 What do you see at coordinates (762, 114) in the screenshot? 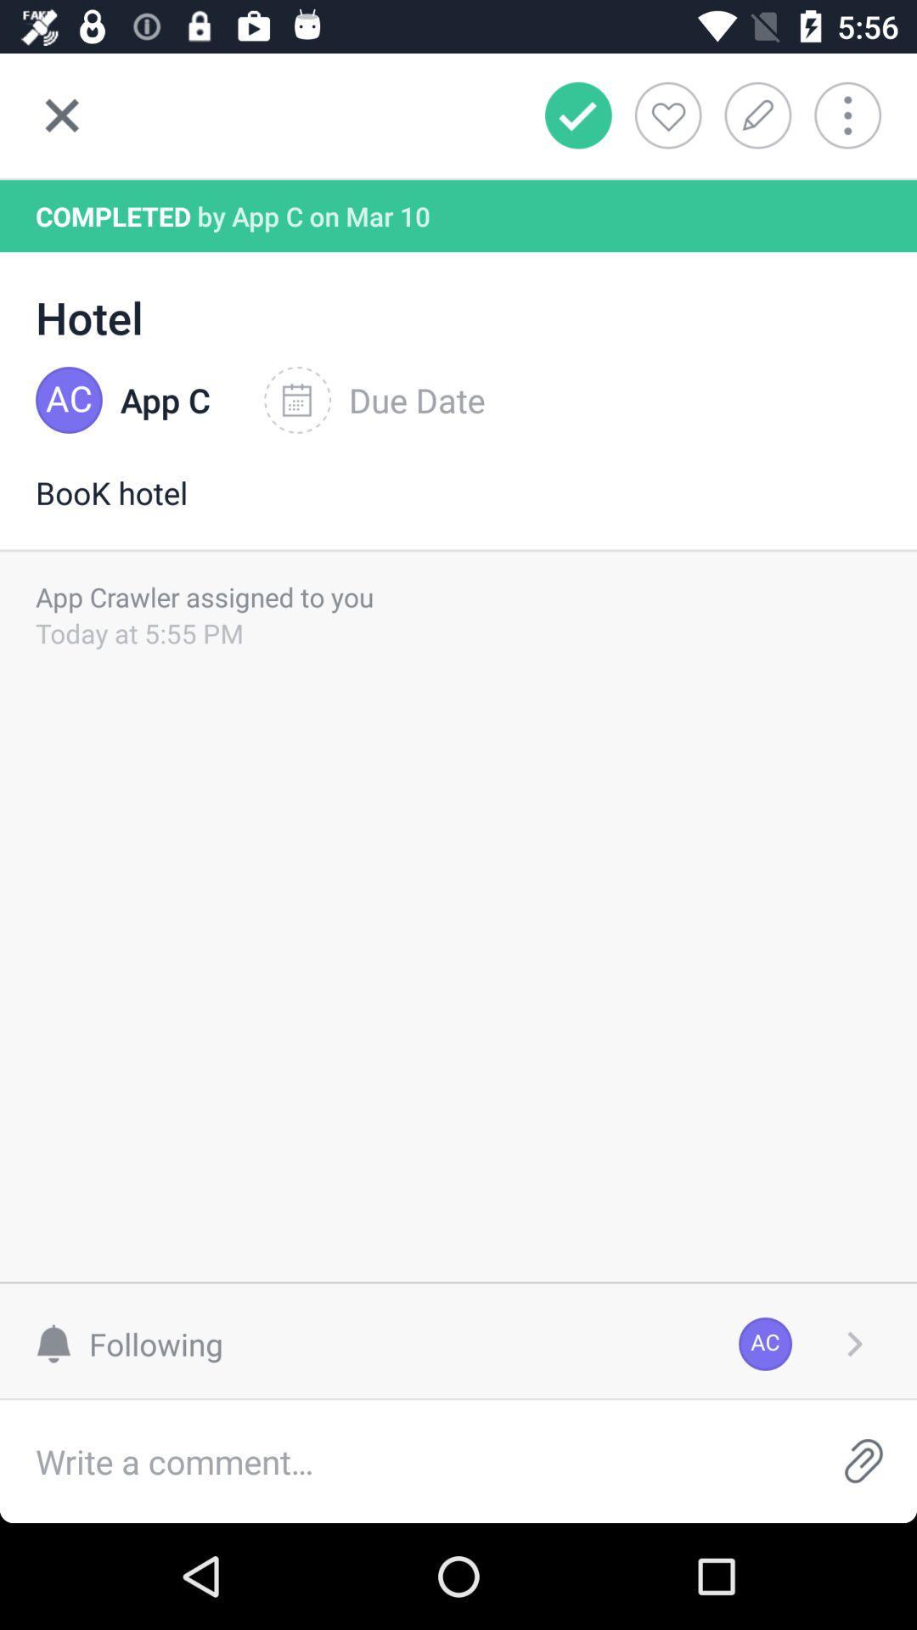
I see `the icon next to the 3 vertical dots icon at the top right corner of the page` at bounding box center [762, 114].